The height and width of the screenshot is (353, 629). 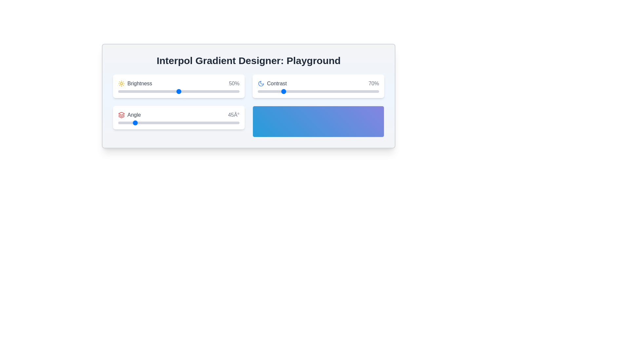 I want to click on the blue moon-shaped icon in line art style located to the left of the 'Contrast' label in the settings section, so click(x=260, y=83).